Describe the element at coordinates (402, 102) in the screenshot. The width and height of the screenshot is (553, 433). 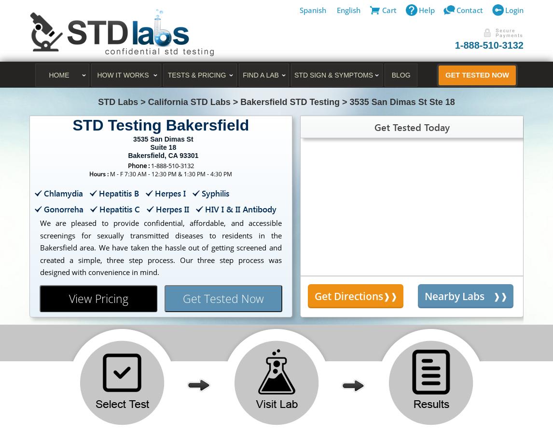
I see `'3535 San Dimas St Ste 18'` at that location.